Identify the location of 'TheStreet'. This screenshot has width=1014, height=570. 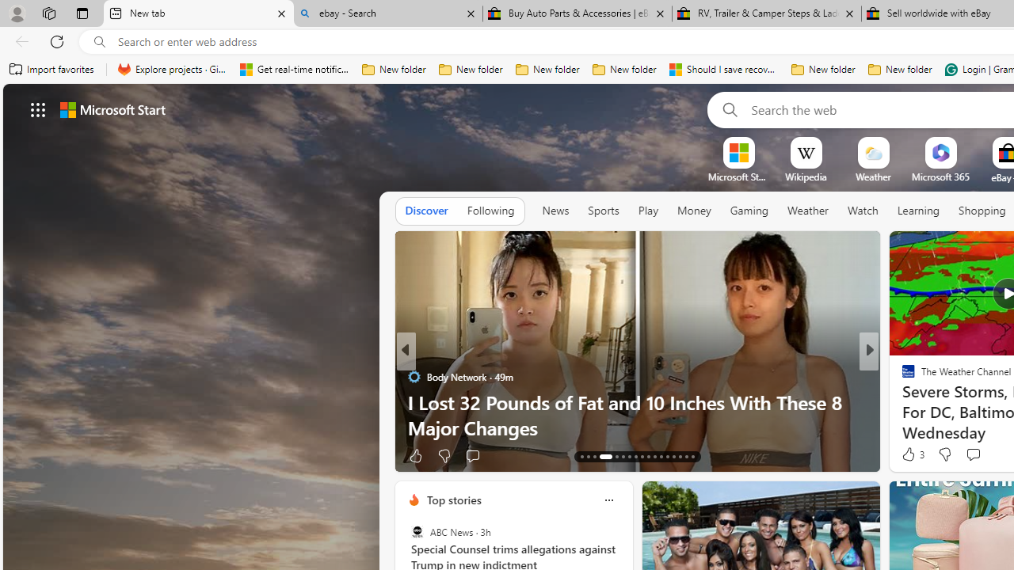
(902, 401).